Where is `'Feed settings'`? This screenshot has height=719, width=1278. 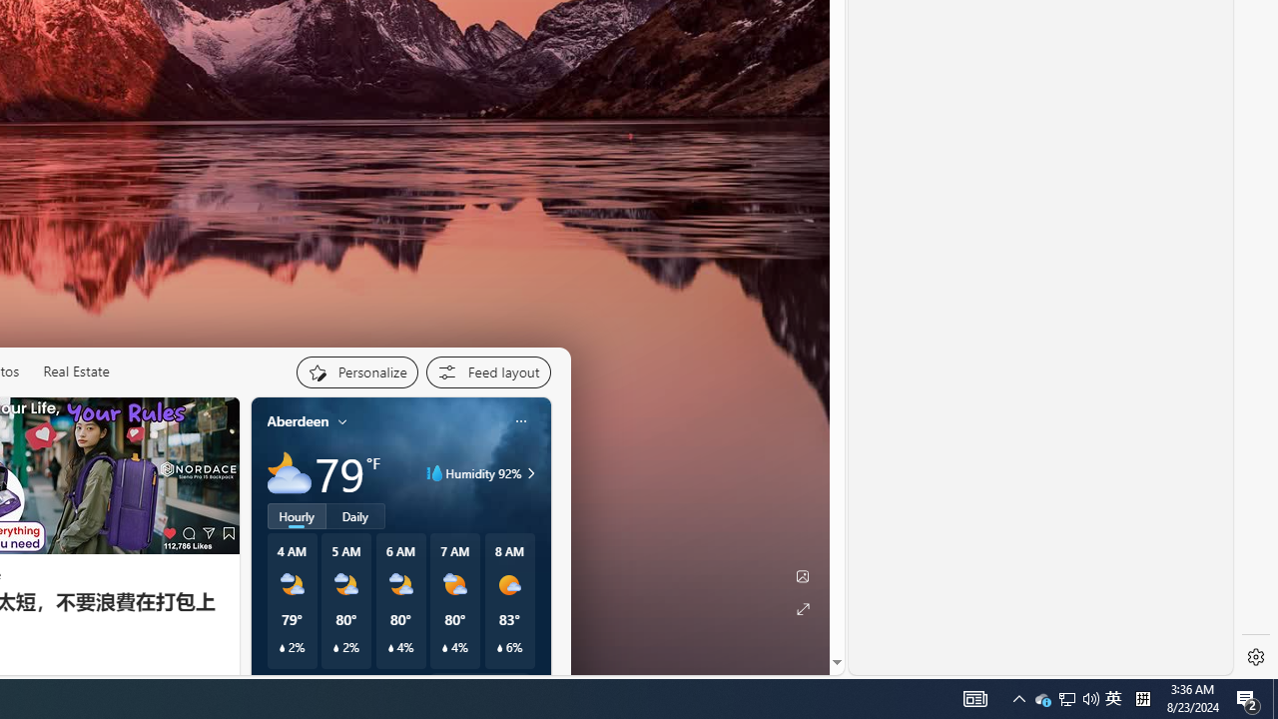
'Feed settings' is located at coordinates (487, 371).